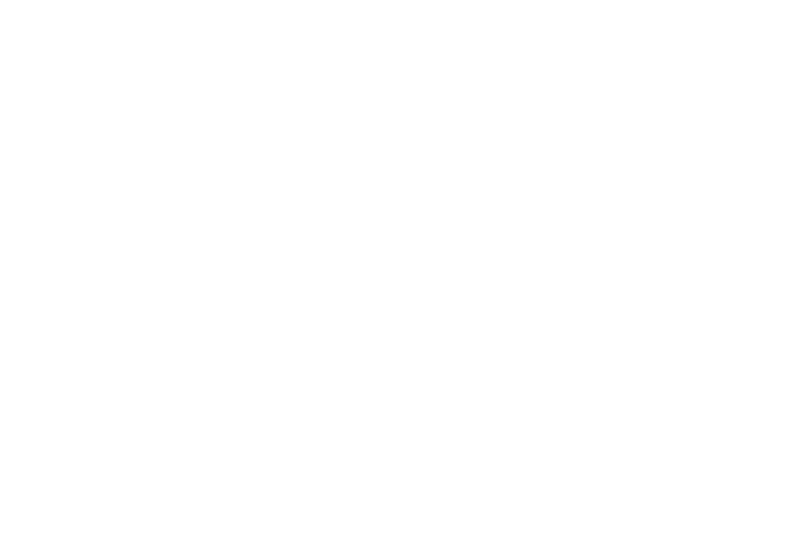 The height and width of the screenshot is (549, 795). Describe the element at coordinates (448, 213) in the screenshot. I see `'8'` at that location.